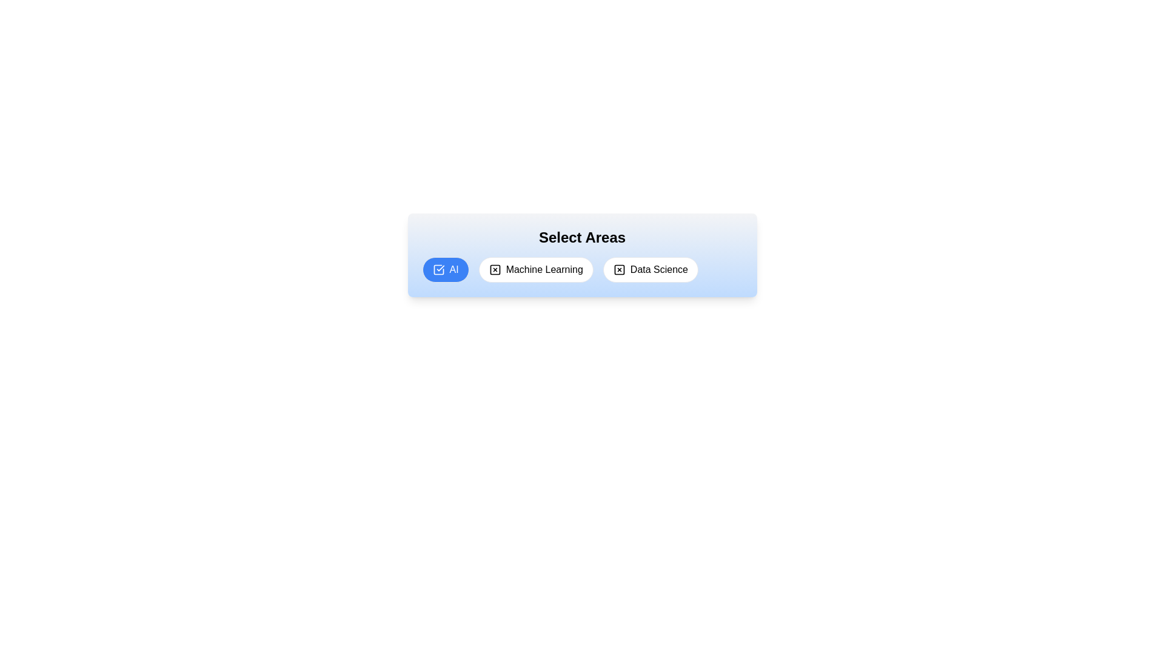  What do you see at coordinates (444, 269) in the screenshot?
I see `the tag AI to observe its hover effect` at bounding box center [444, 269].